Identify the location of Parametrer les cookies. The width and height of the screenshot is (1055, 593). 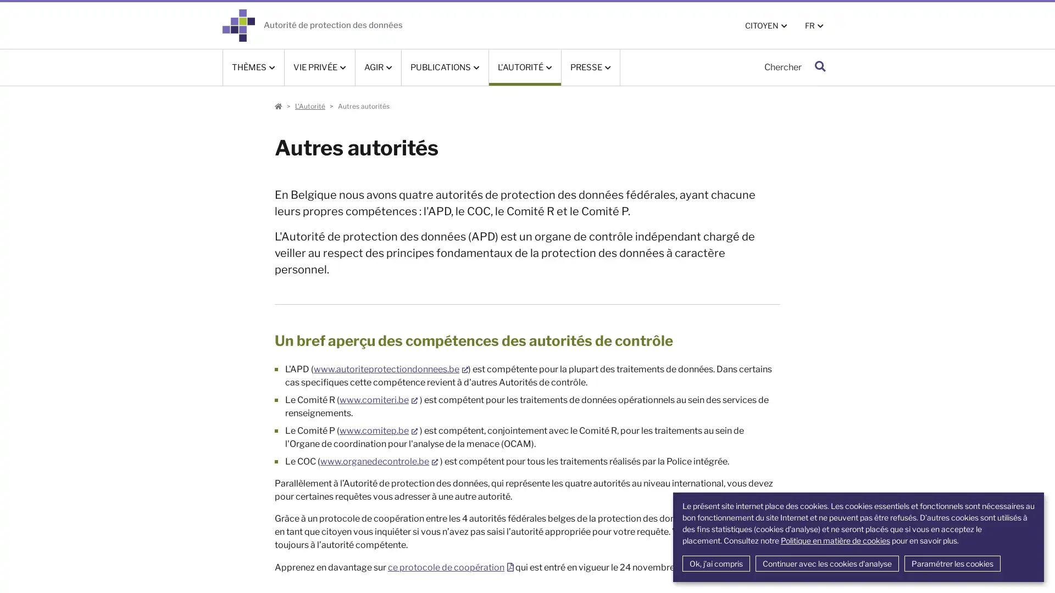
(951, 563).